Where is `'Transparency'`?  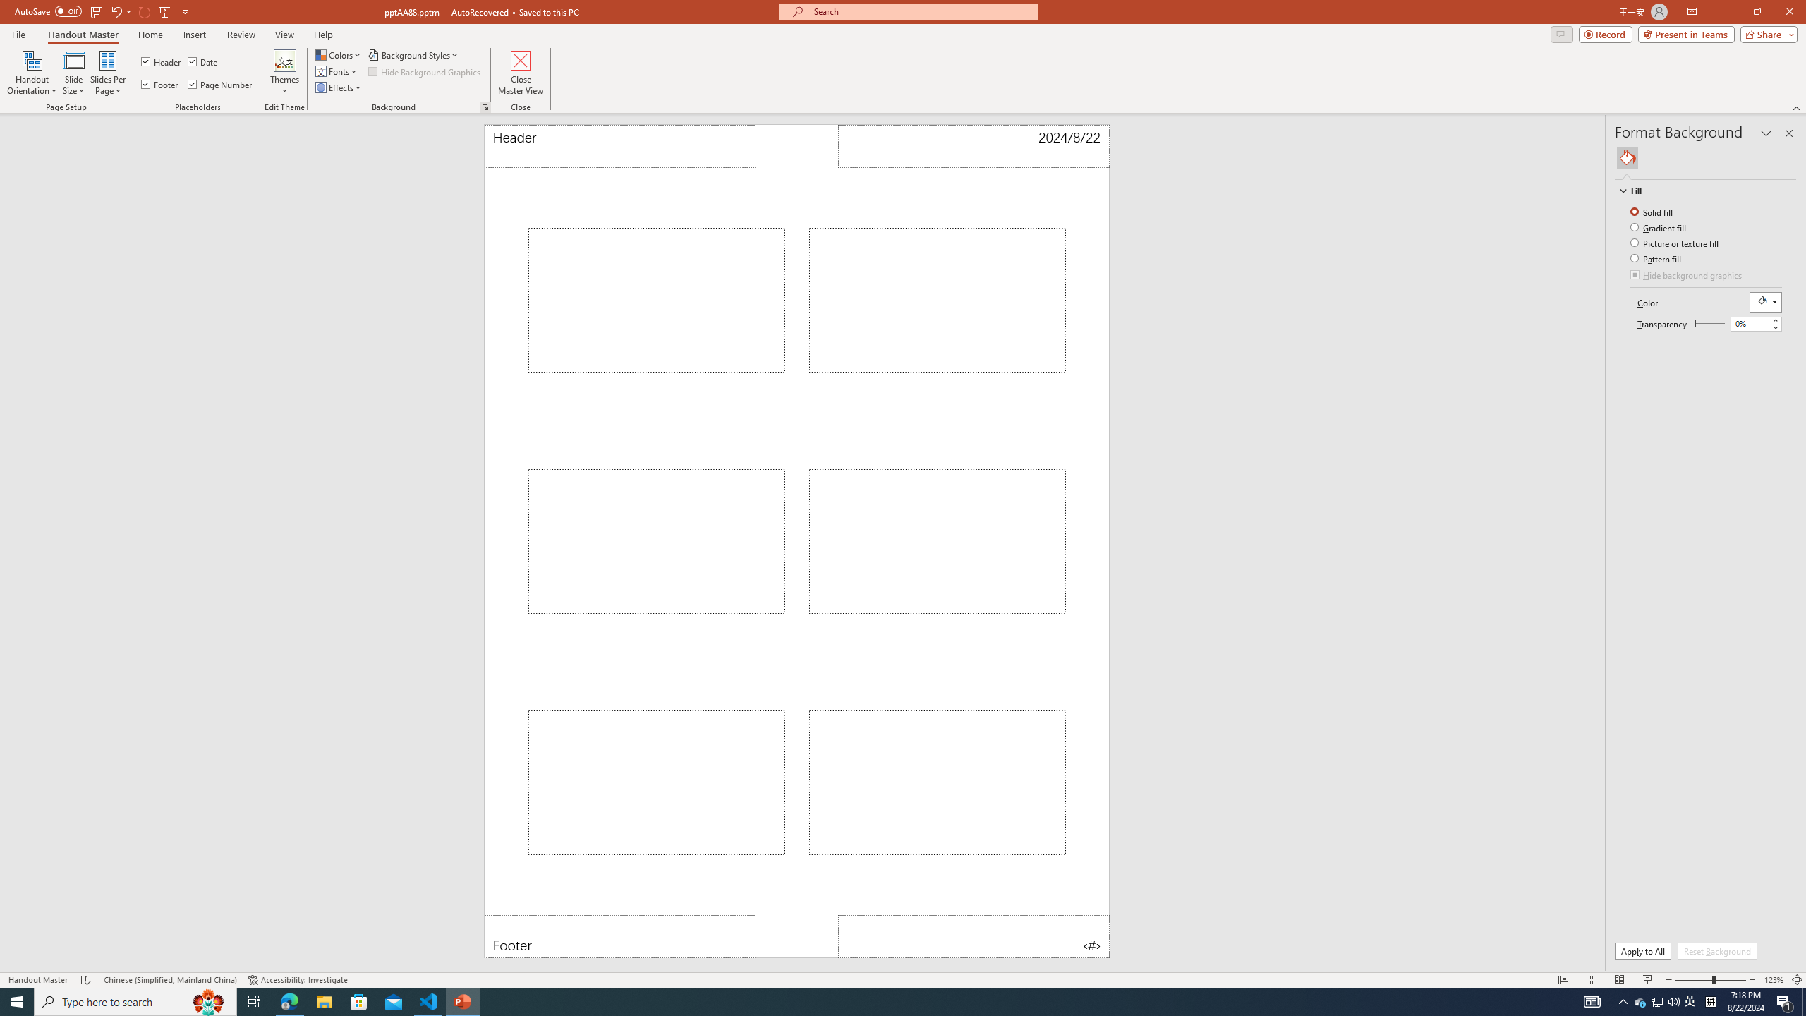
'Transparency' is located at coordinates (1709, 322).